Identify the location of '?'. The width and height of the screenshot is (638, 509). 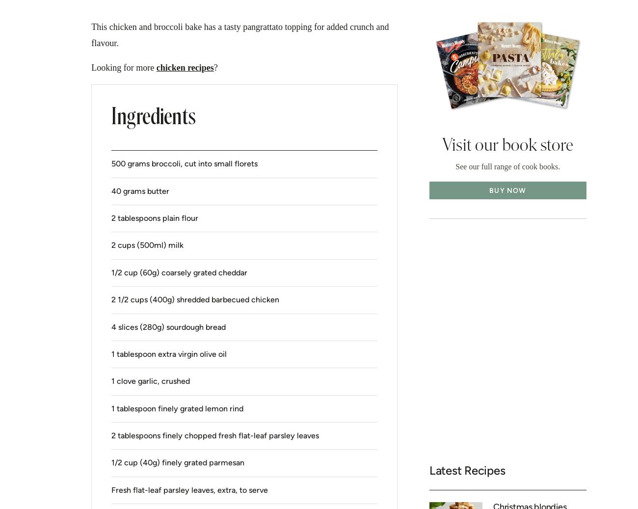
(213, 66).